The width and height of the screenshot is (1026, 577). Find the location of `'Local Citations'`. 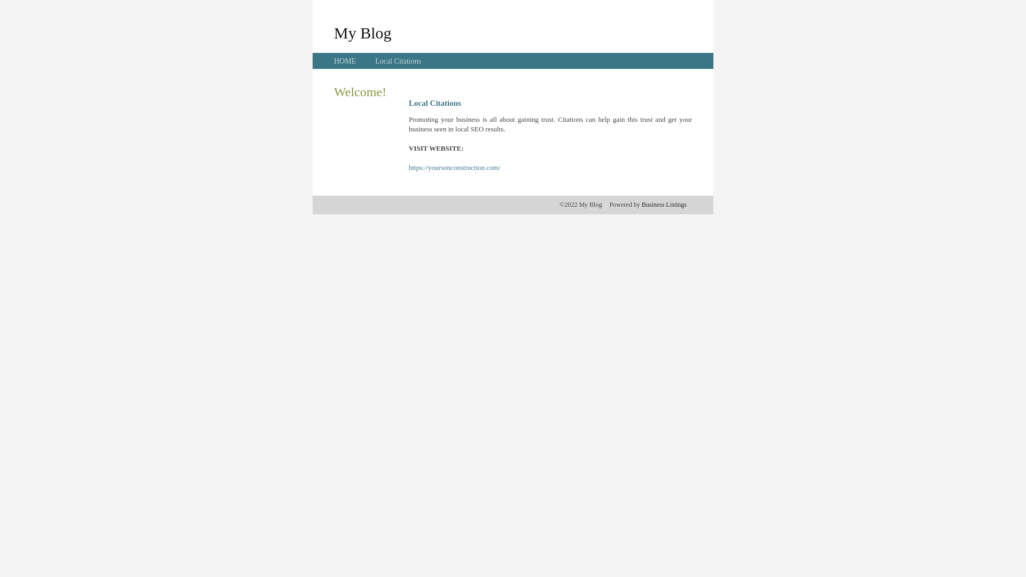

'Local Citations' is located at coordinates (397, 61).